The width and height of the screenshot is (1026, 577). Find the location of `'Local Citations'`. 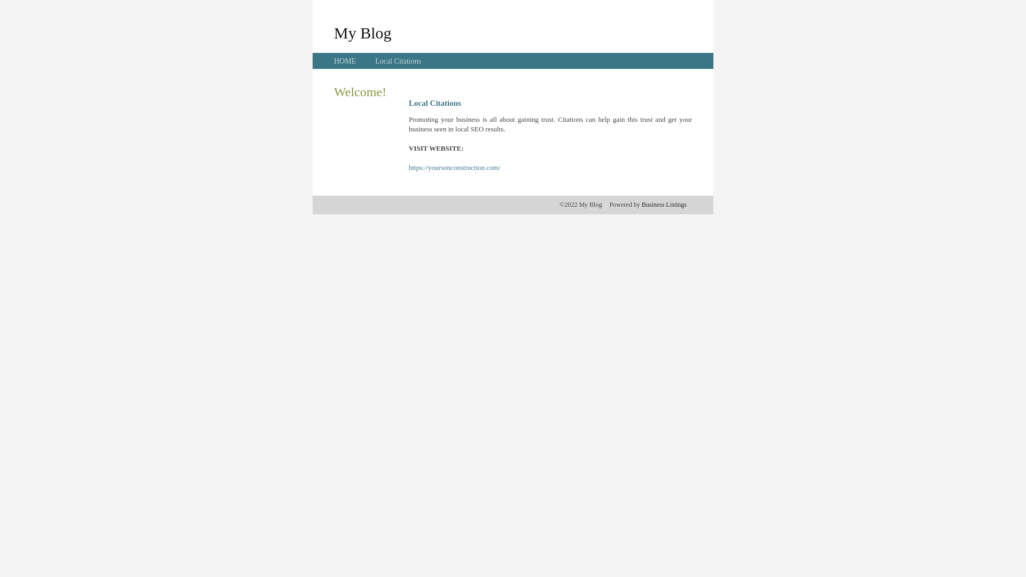

'Local Citations' is located at coordinates (397, 61).